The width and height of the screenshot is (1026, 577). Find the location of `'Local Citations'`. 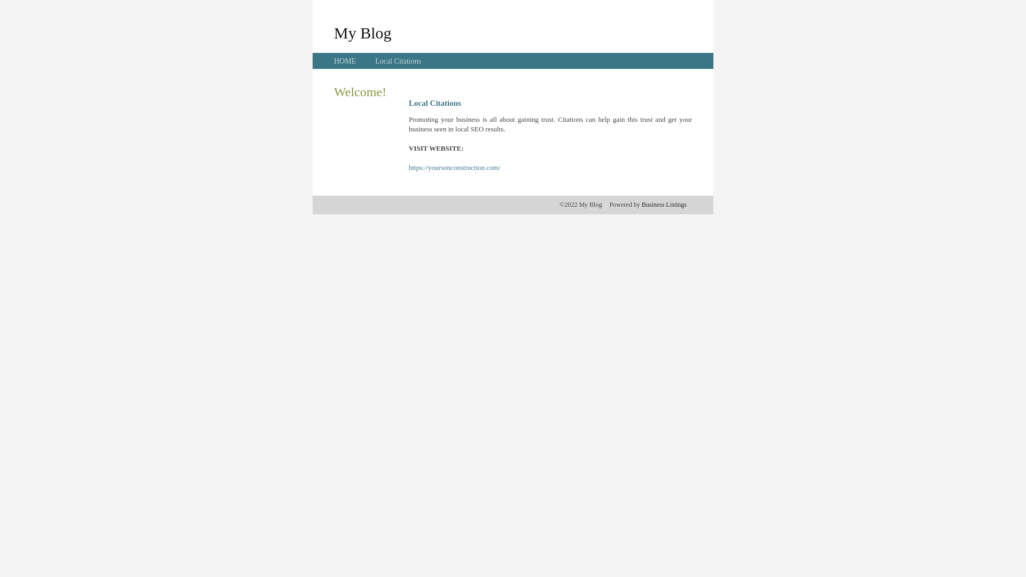

'Local Citations' is located at coordinates (397, 61).